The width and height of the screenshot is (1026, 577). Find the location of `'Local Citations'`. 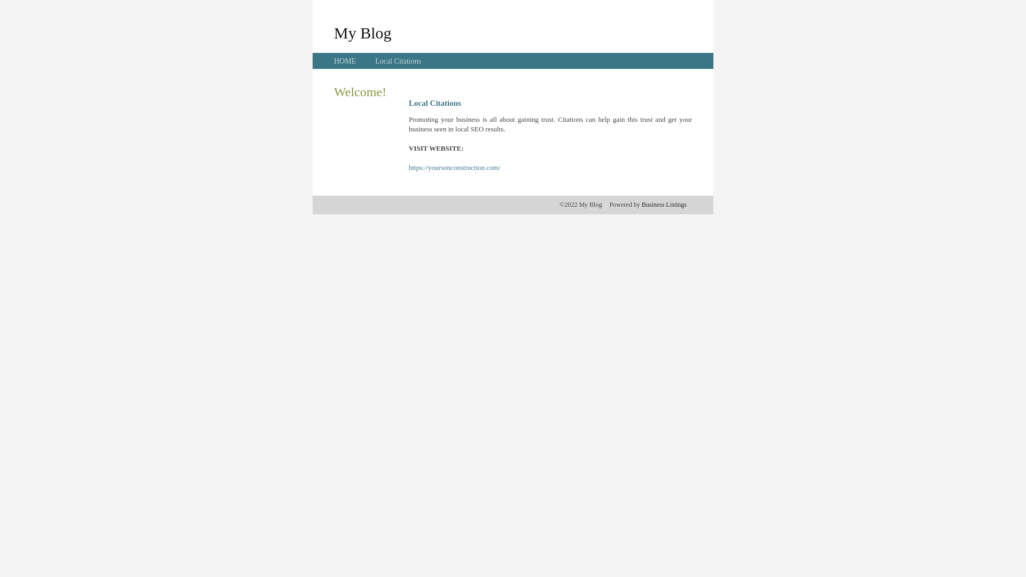

'Local Citations' is located at coordinates (397, 61).